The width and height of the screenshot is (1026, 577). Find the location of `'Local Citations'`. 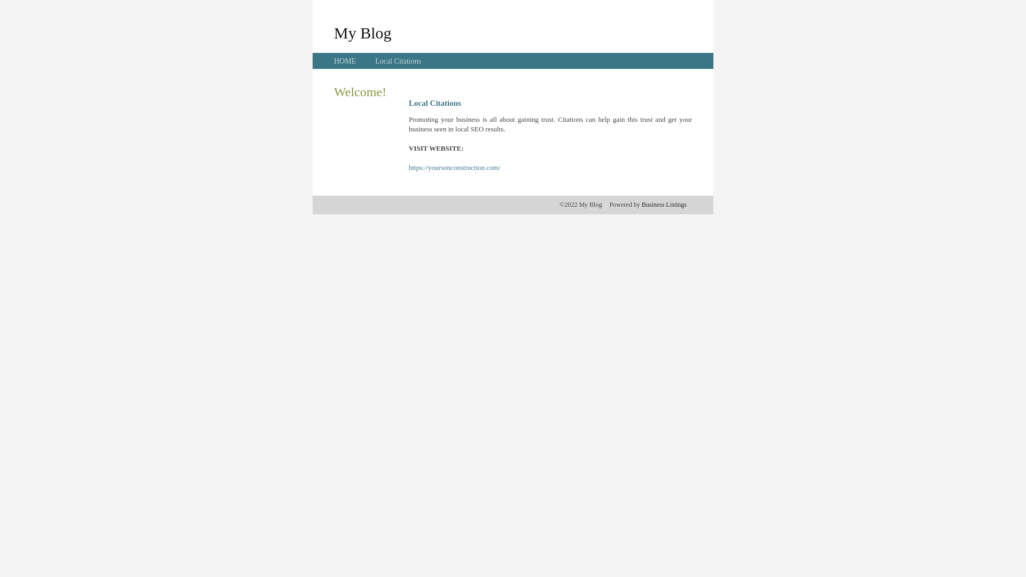

'Local Citations' is located at coordinates (397, 61).